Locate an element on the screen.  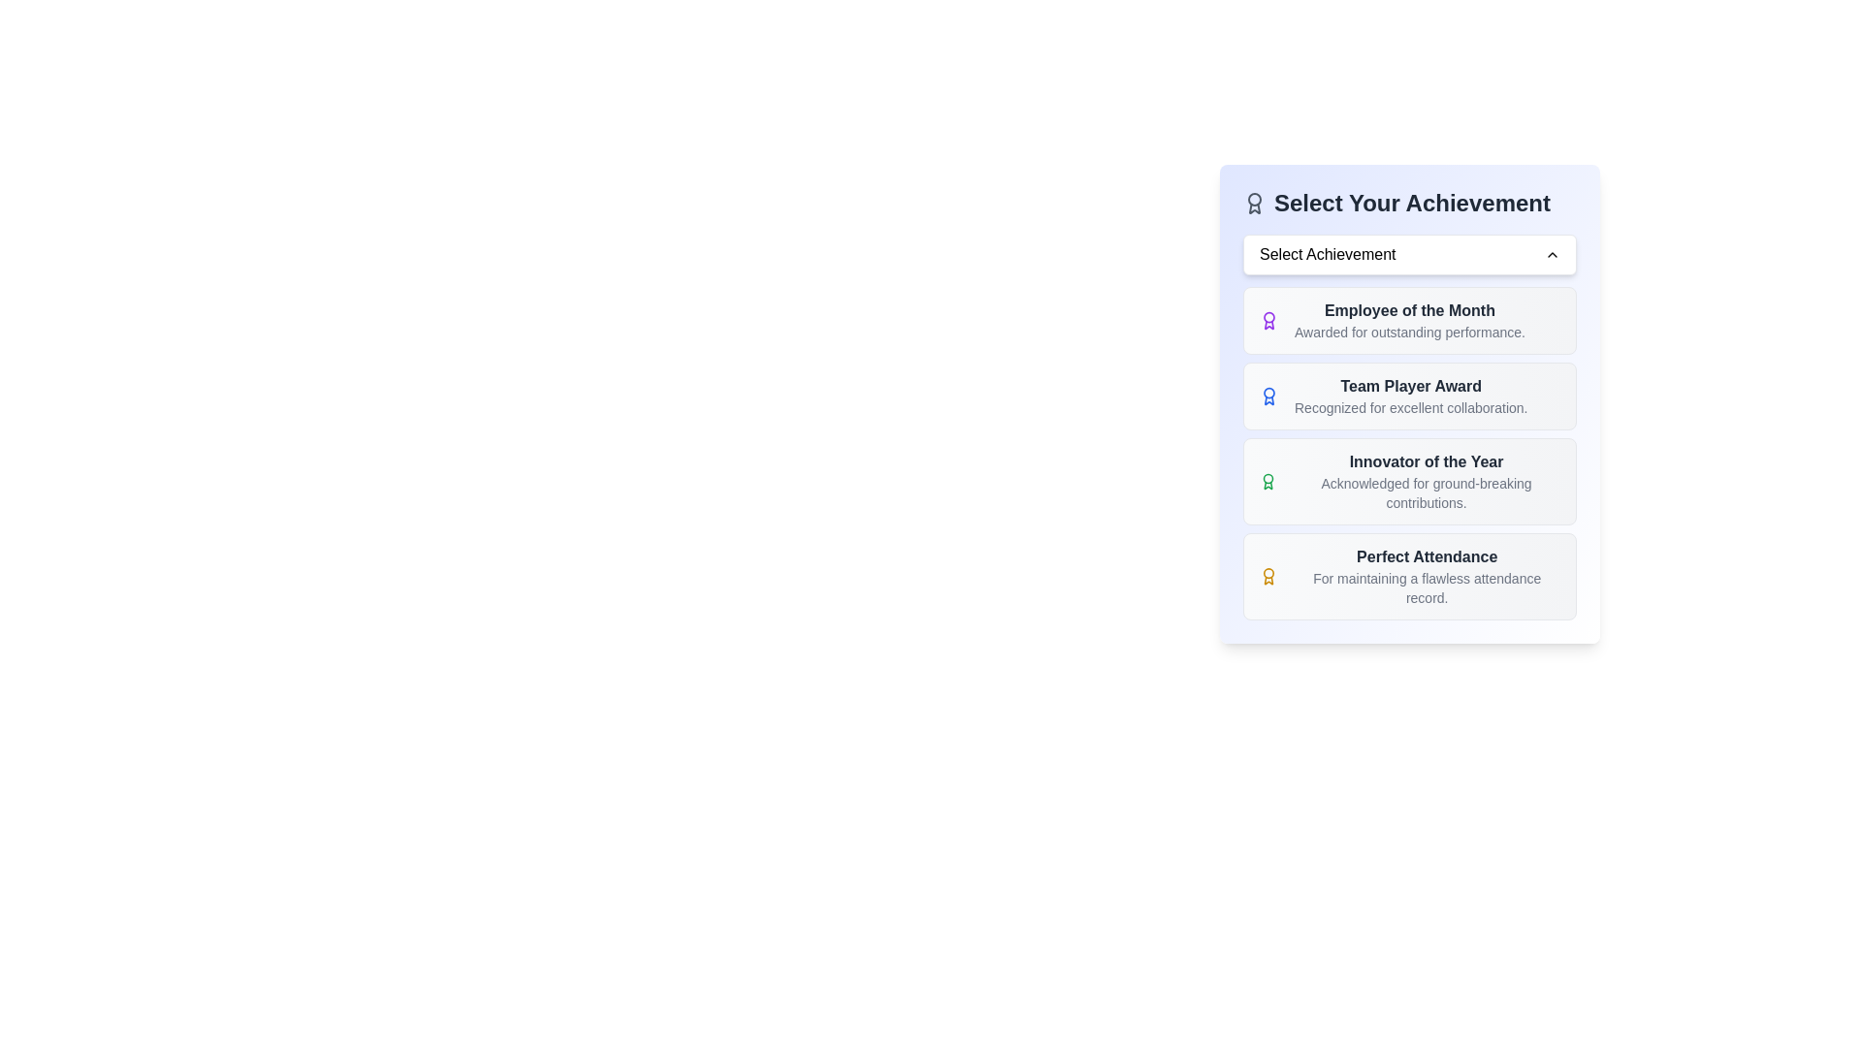
the 'Perfect Attendance' achievement title text label located in the fourth row of the 'Select Your Achievement' panel is located at coordinates (1427, 556).